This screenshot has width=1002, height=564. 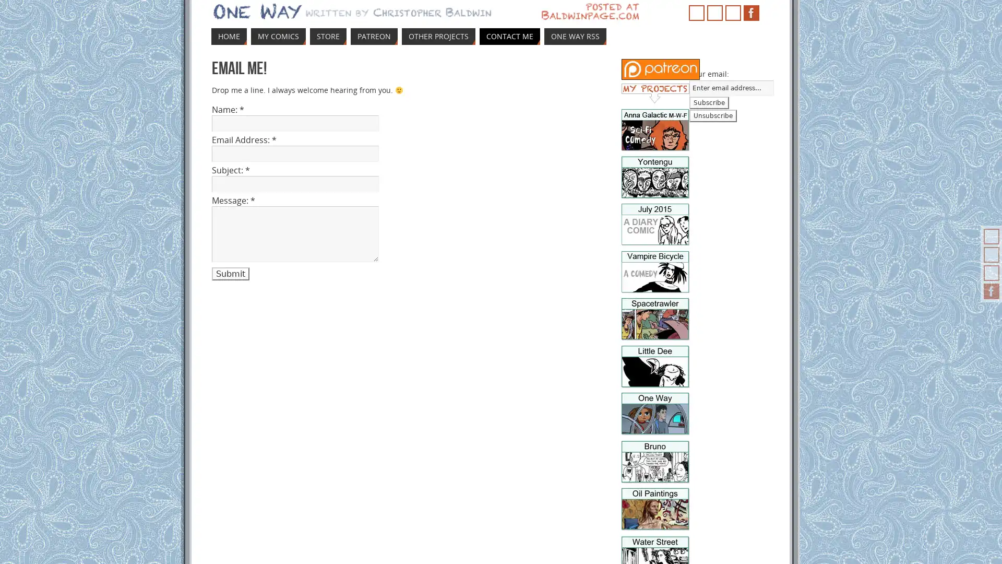 I want to click on Submit, so click(x=230, y=273).